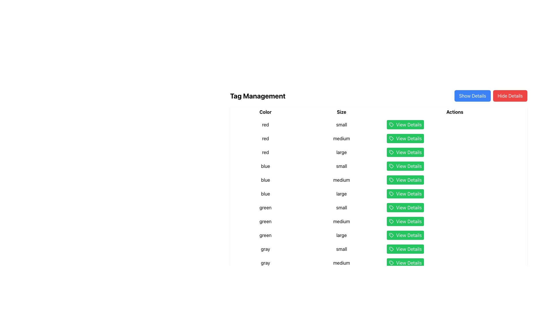 Image resolution: width=553 pixels, height=311 pixels. What do you see at coordinates (265, 249) in the screenshot?
I see `the text label displaying 'gray' in the 'Color' column of the table, which is aligned with 'small' in the 'Size' column and 'View Details' in the 'Actions' column` at bounding box center [265, 249].